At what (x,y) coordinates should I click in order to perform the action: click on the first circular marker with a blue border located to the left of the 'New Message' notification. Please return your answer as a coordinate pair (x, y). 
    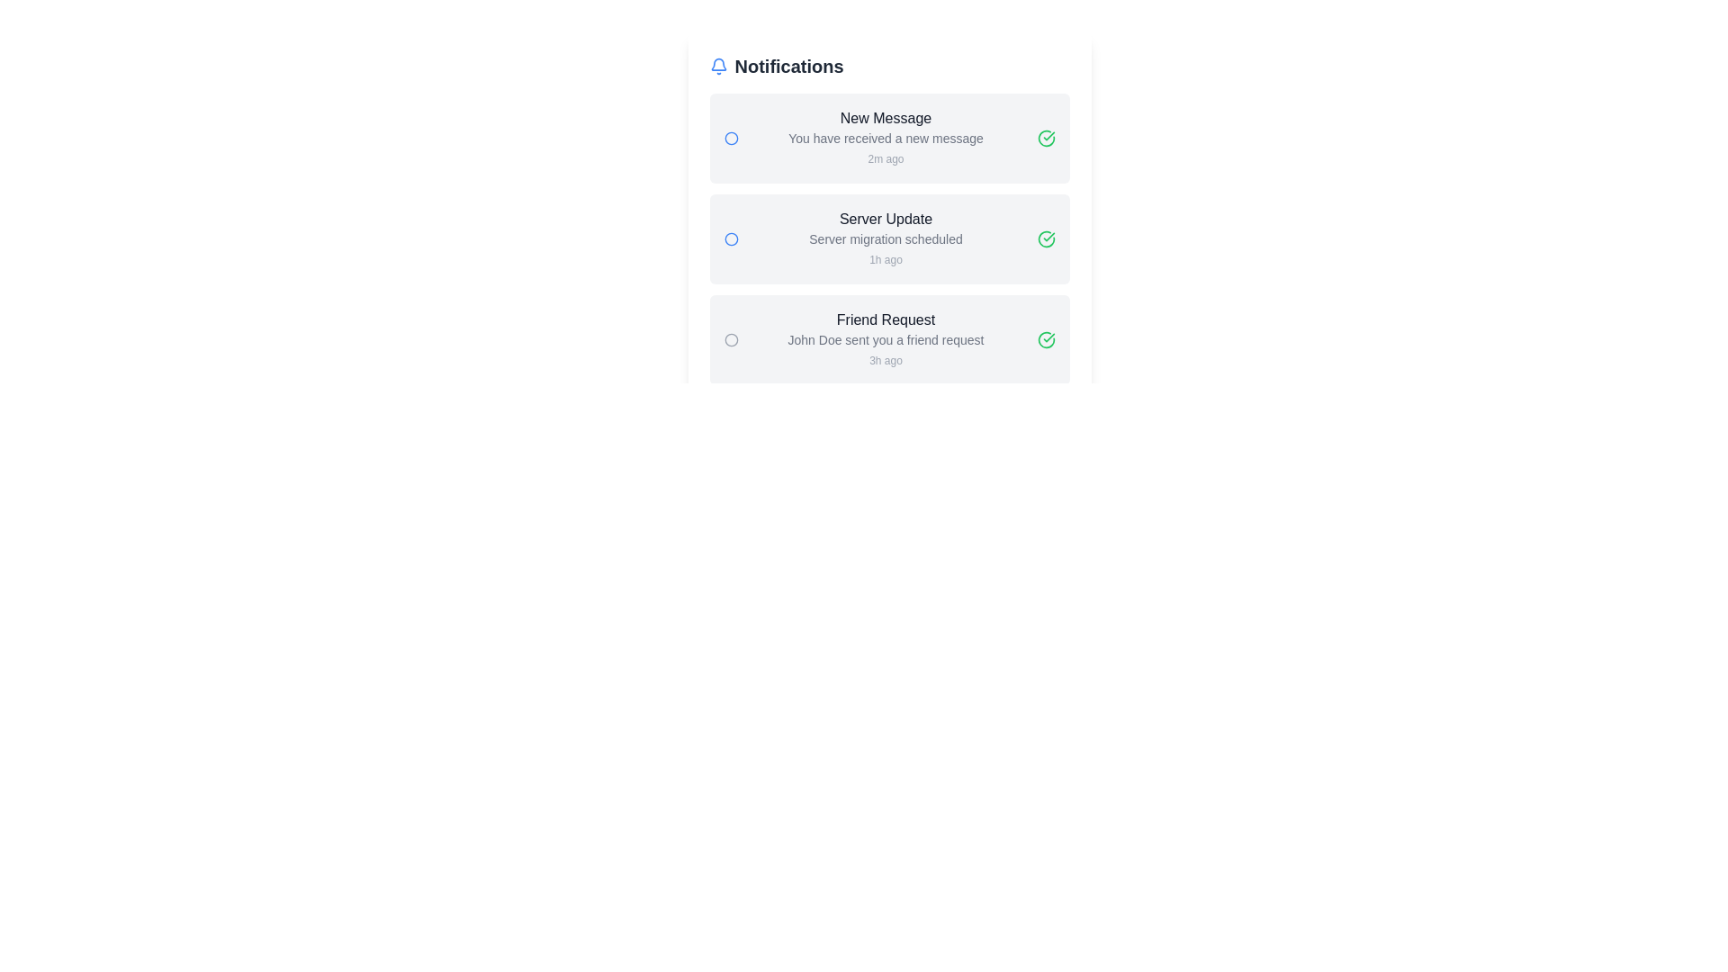
    Looking at the image, I should click on (731, 138).